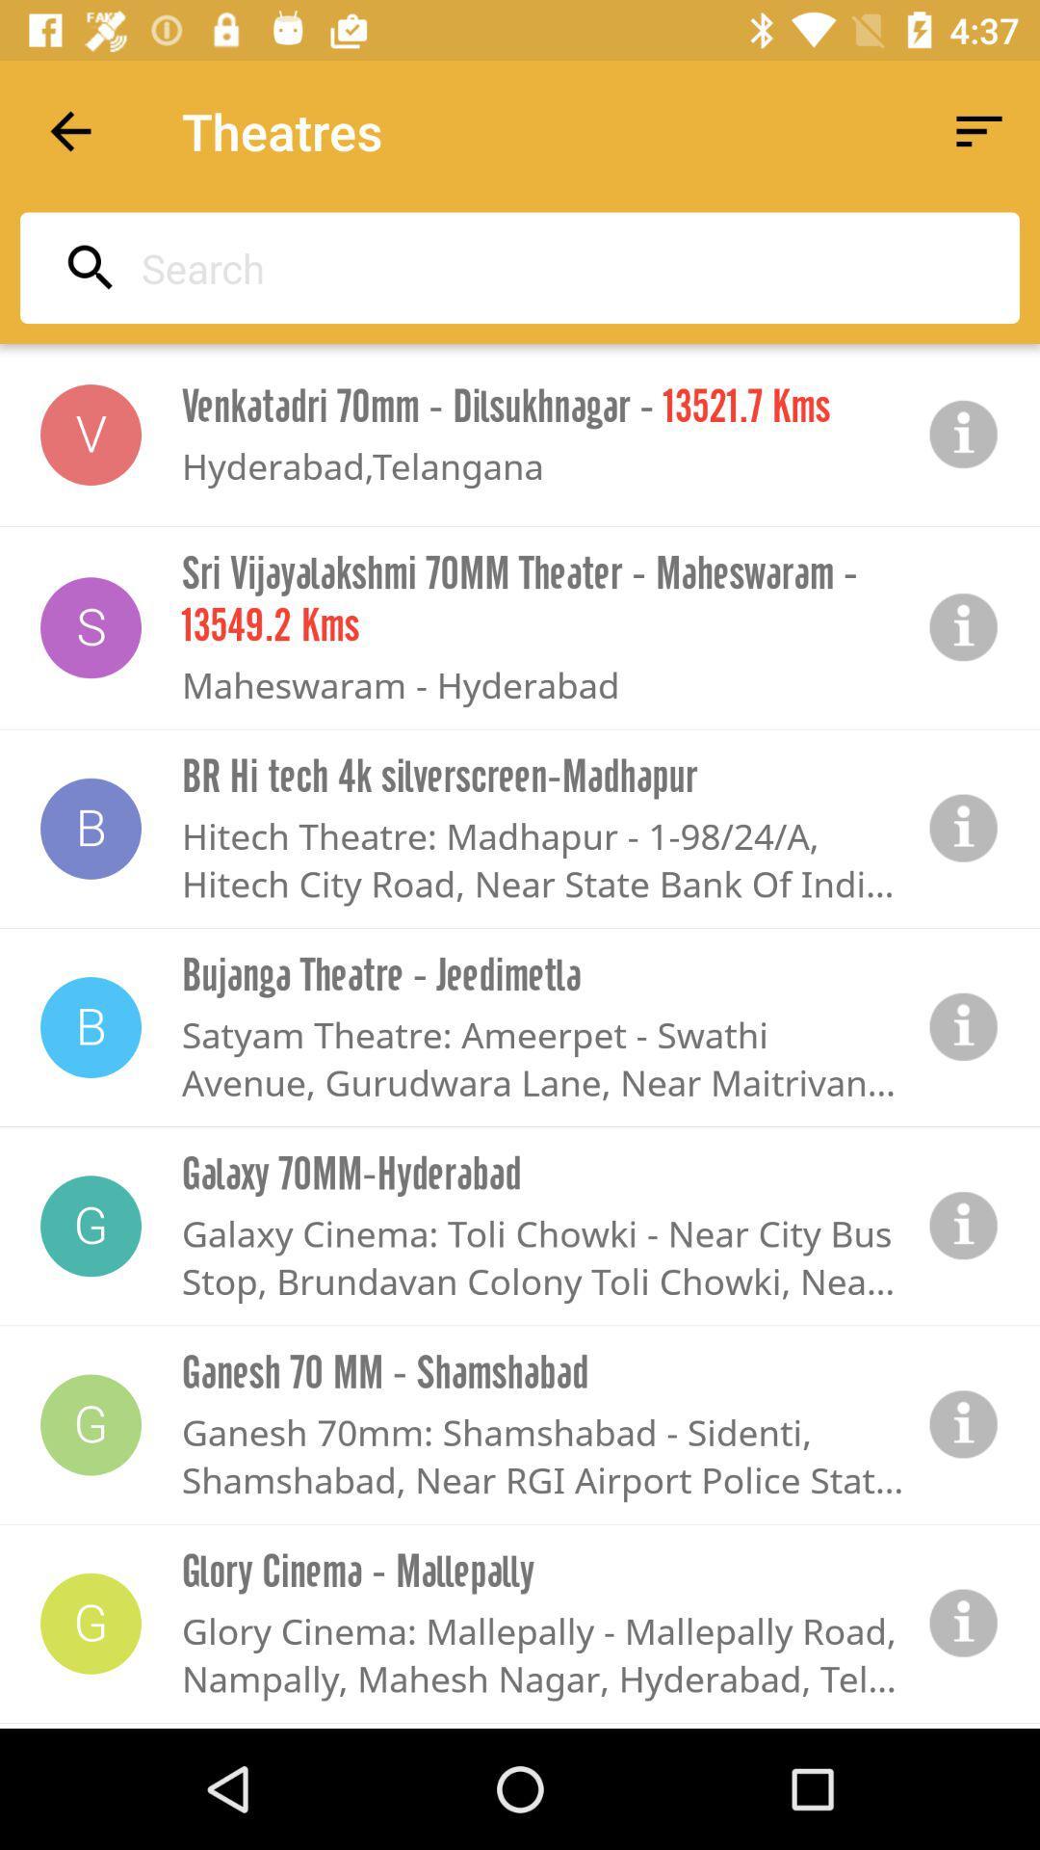 This screenshot has width=1040, height=1850. Describe the element at coordinates (964, 829) in the screenshot. I see `information` at that location.